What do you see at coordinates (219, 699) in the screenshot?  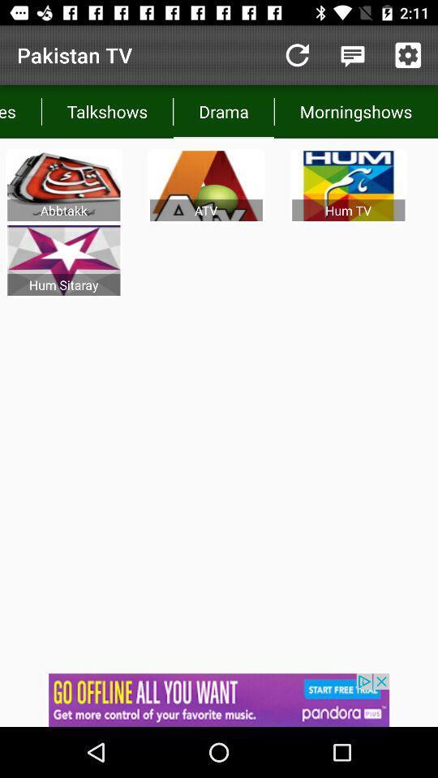 I see `click bottom advertisement` at bounding box center [219, 699].